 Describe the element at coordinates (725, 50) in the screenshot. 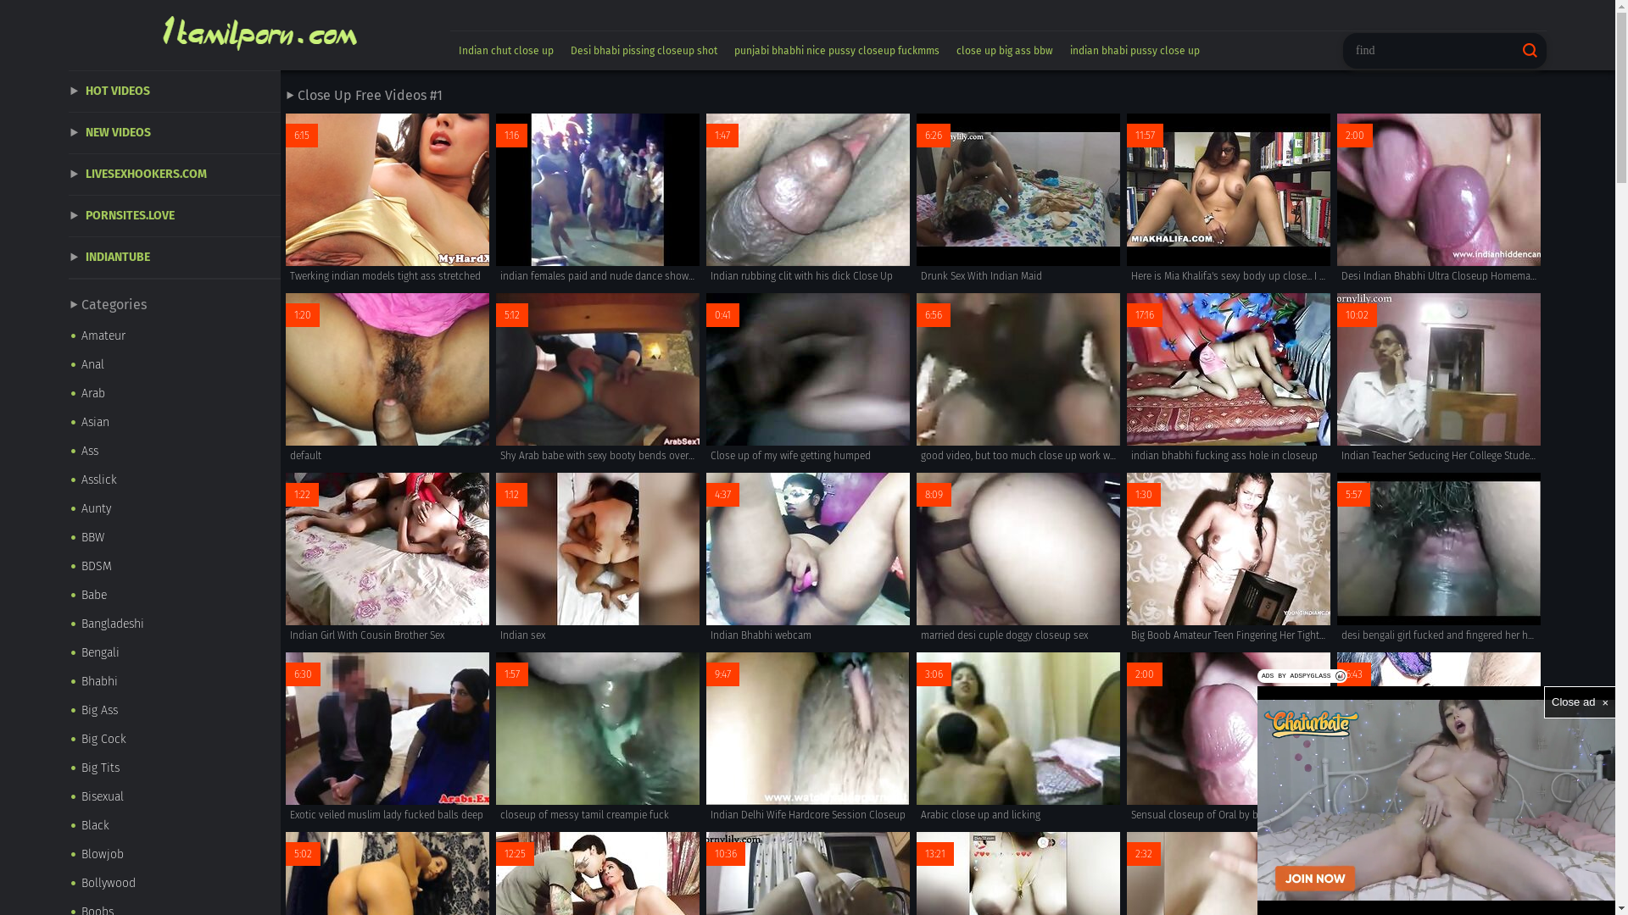

I see `'punjabi bhabhi nice pussy closeup fuckmms'` at that location.